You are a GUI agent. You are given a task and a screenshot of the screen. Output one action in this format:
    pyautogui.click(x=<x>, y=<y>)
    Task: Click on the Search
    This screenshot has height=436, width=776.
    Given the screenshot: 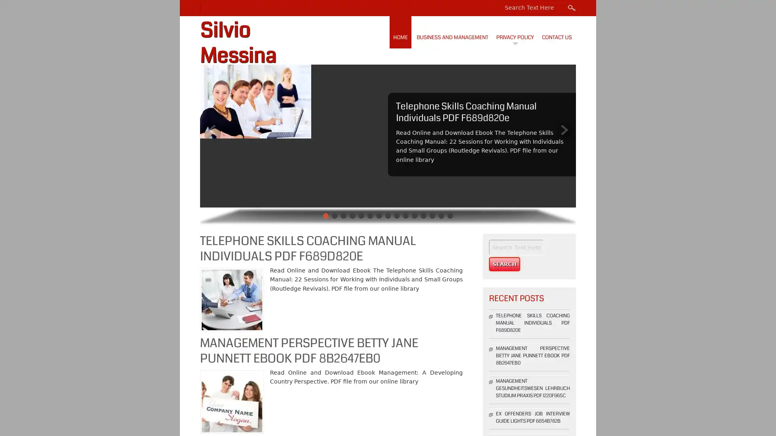 What is the action you would take?
    pyautogui.click(x=504, y=264)
    